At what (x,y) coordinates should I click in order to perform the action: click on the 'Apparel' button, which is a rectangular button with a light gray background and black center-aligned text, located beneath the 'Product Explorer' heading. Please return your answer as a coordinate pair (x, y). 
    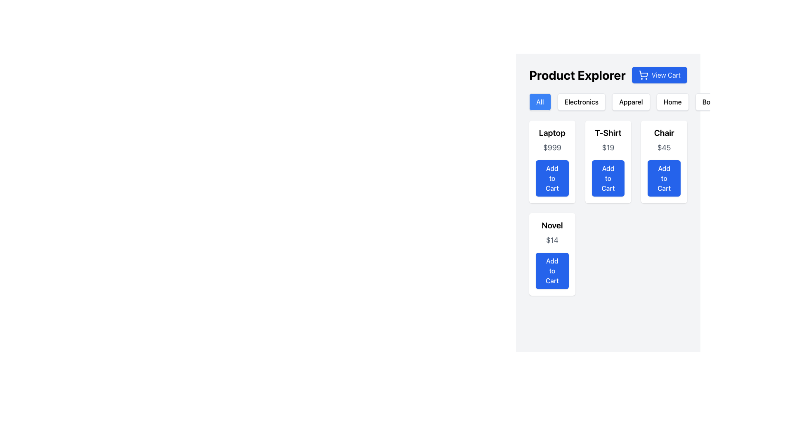
    Looking at the image, I should click on (630, 101).